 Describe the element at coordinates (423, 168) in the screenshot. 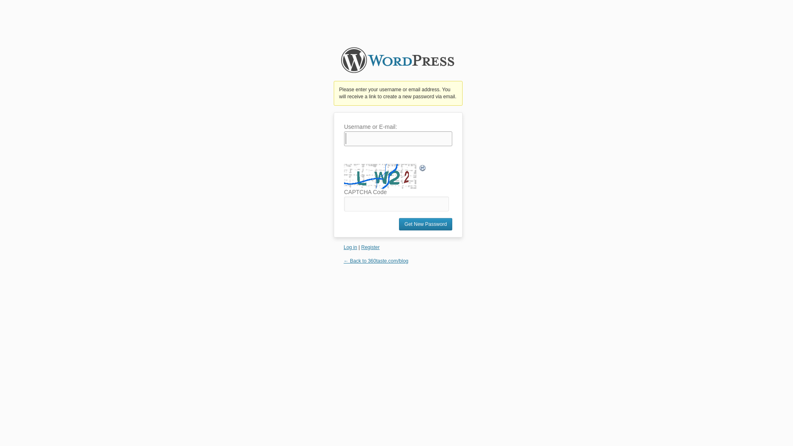

I see `'Refresh Image'` at that location.